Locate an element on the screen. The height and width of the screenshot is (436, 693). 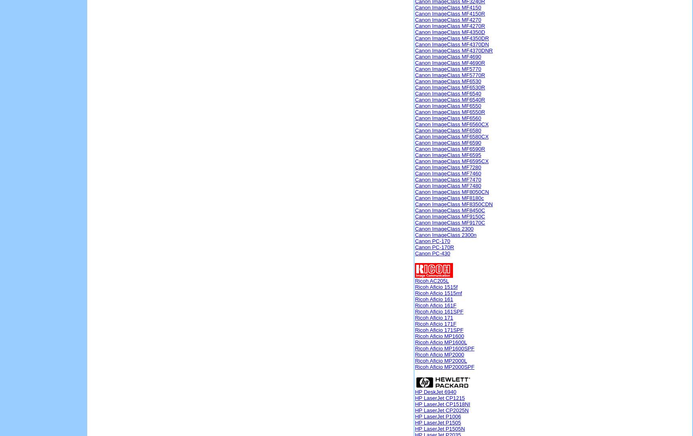
'Ricoh Aficio 171' is located at coordinates (434, 318).